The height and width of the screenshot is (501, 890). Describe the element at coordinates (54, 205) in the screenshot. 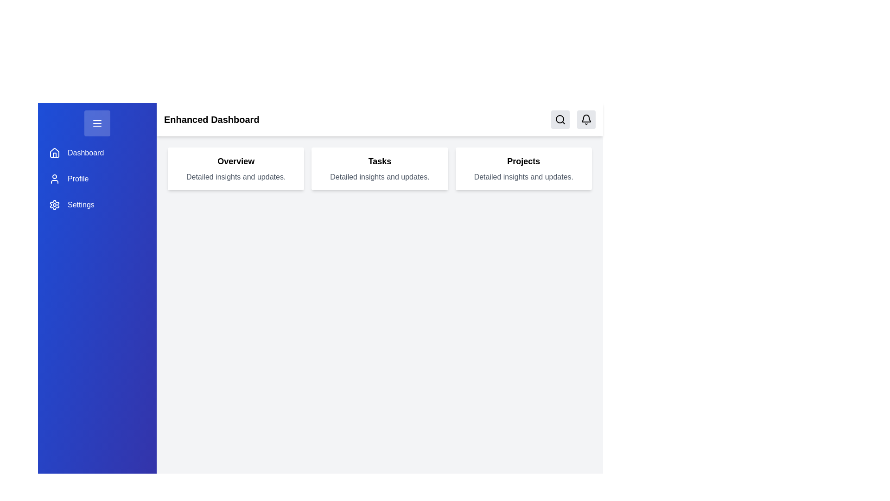

I see `the gear icon located in the sidebar menu, which is adjacent to the text labeled 'Settings'` at that location.